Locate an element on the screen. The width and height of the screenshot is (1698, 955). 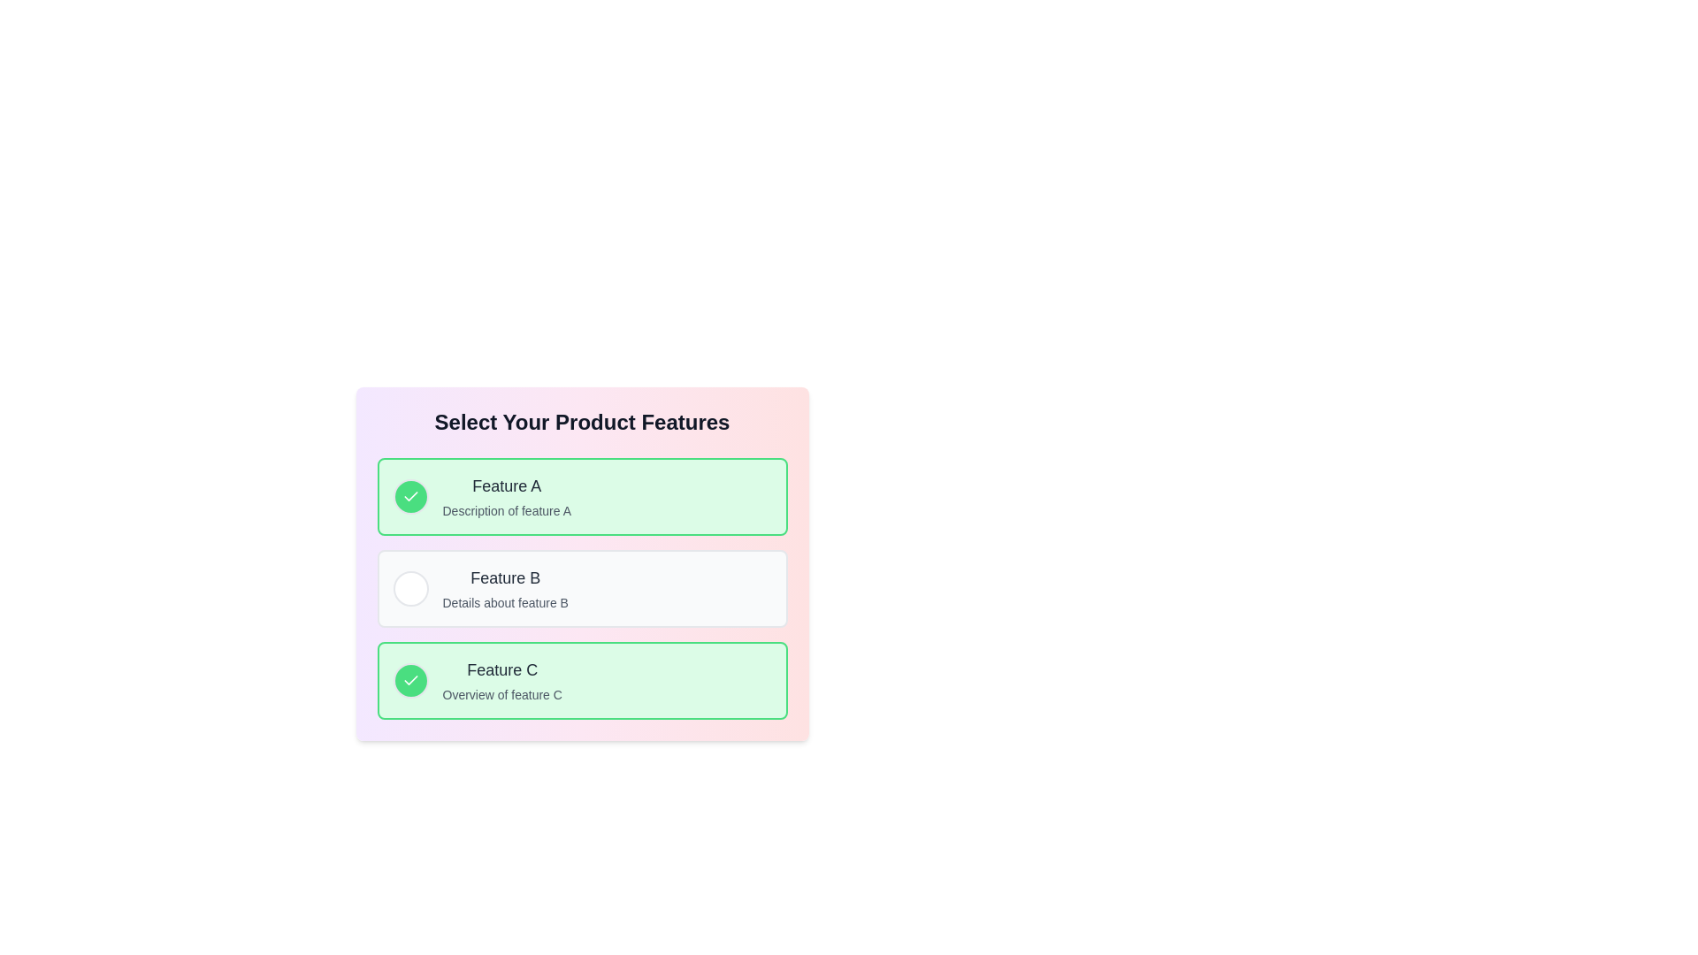
text label 'Feature B', which is prominently styled in dark gray on a white background, located below 'Feature A' and above 'Feature C' is located at coordinates (504, 578).